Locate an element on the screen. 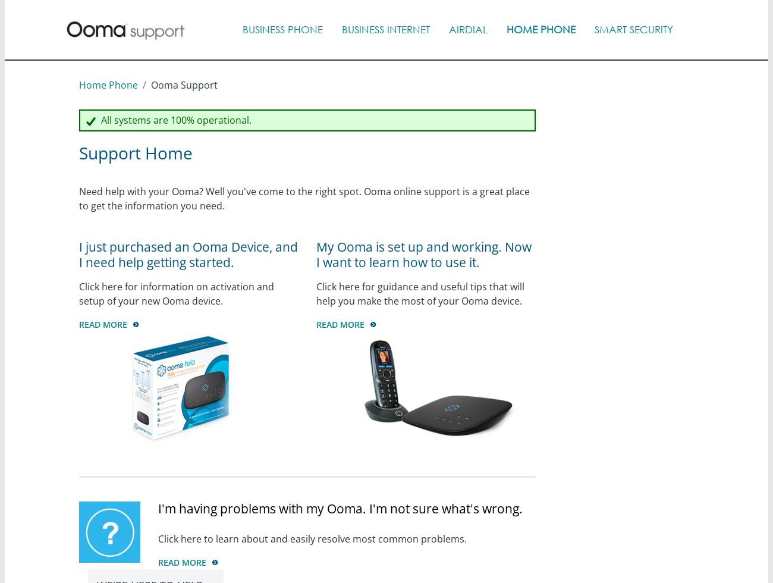  'Support Home' is located at coordinates (77, 152).